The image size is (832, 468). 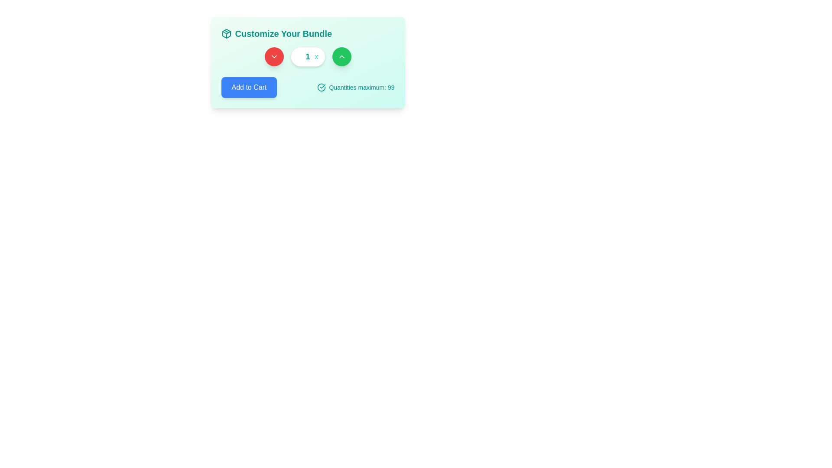 I want to click on the decrement button located between the green circular increment button and the white numeric input box to decrement the displayed value, so click(x=273, y=57).